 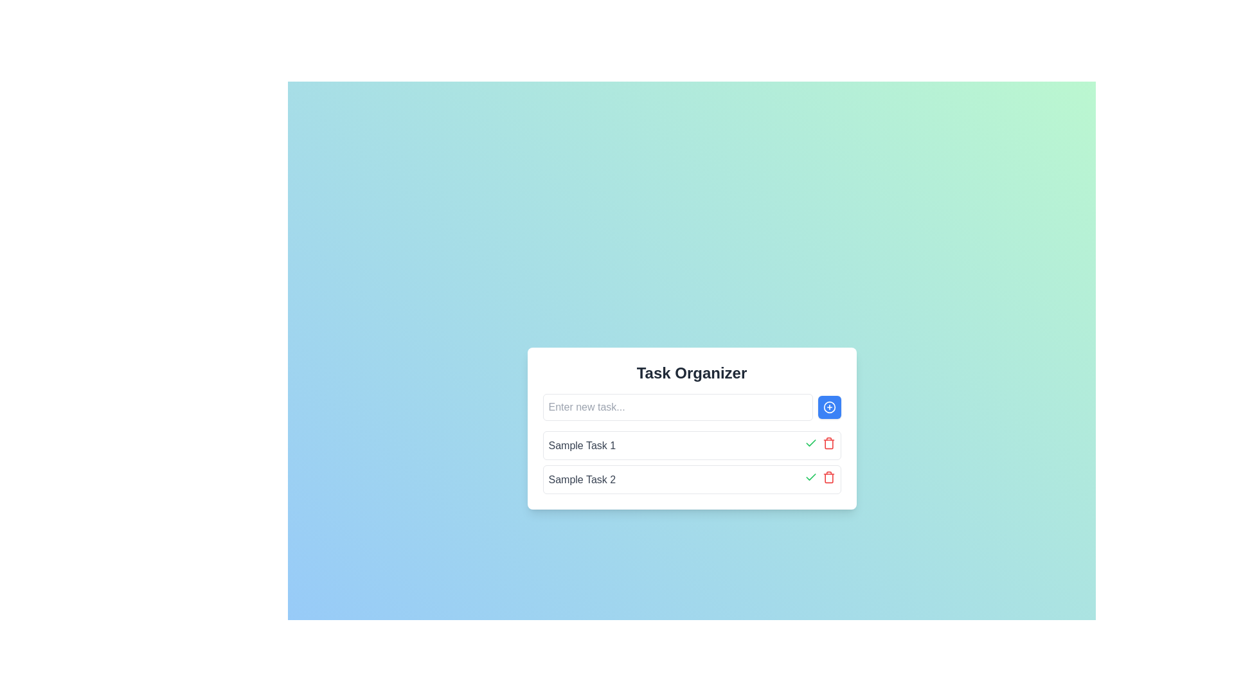 What do you see at coordinates (810, 477) in the screenshot?
I see `the interactive icon/button` at bounding box center [810, 477].